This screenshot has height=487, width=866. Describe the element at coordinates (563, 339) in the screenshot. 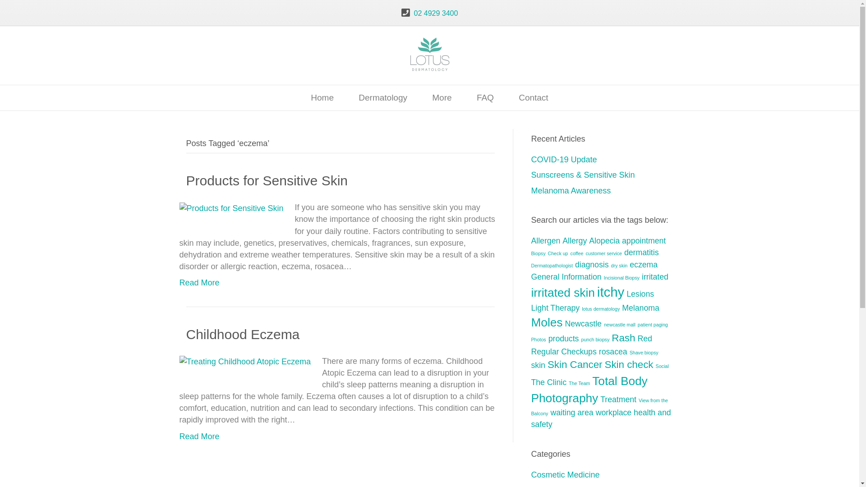

I see `'products'` at that location.